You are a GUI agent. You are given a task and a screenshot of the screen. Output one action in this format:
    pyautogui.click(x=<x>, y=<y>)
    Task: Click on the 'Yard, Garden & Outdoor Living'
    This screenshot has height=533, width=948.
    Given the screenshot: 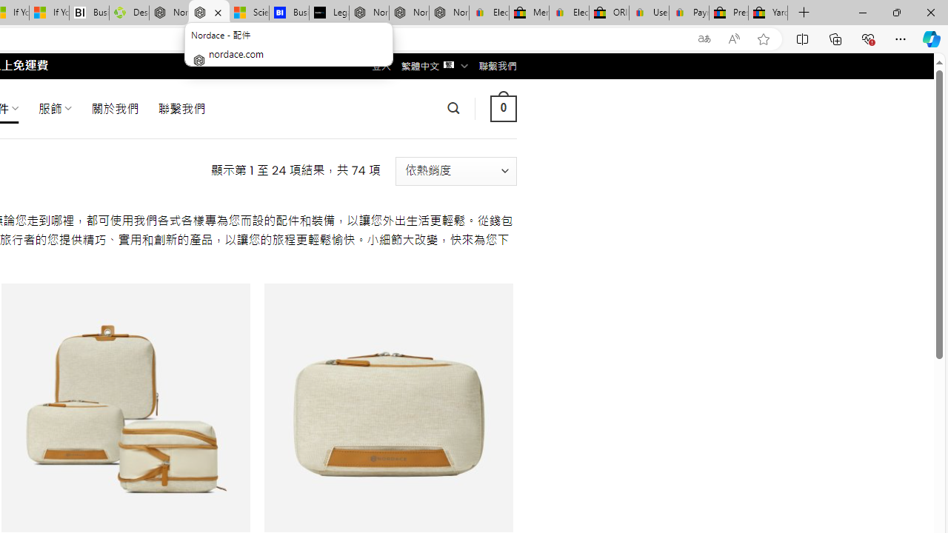 What is the action you would take?
    pyautogui.click(x=768, y=13)
    